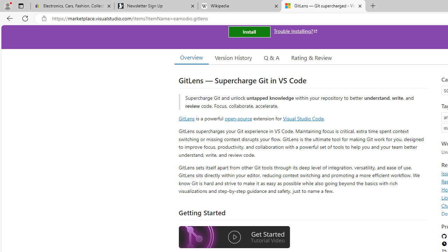  I want to click on 'Q & A', so click(271, 57).